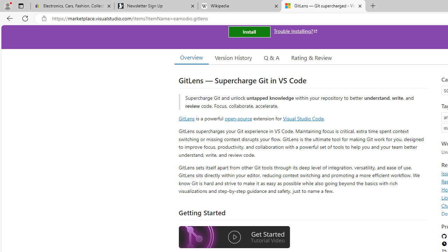  I want to click on 'Q & A', so click(271, 57).